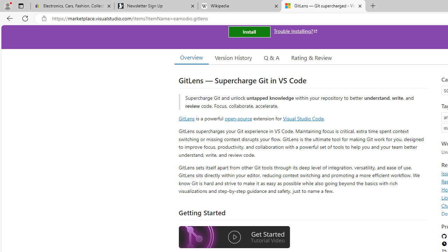  I want to click on 'Q & A', so click(271, 57).